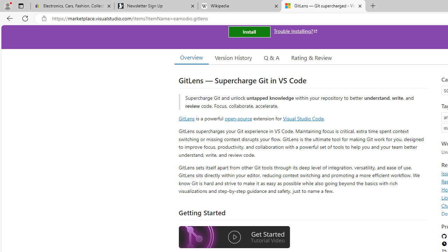  I want to click on 'Q & A', so click(271, 57).